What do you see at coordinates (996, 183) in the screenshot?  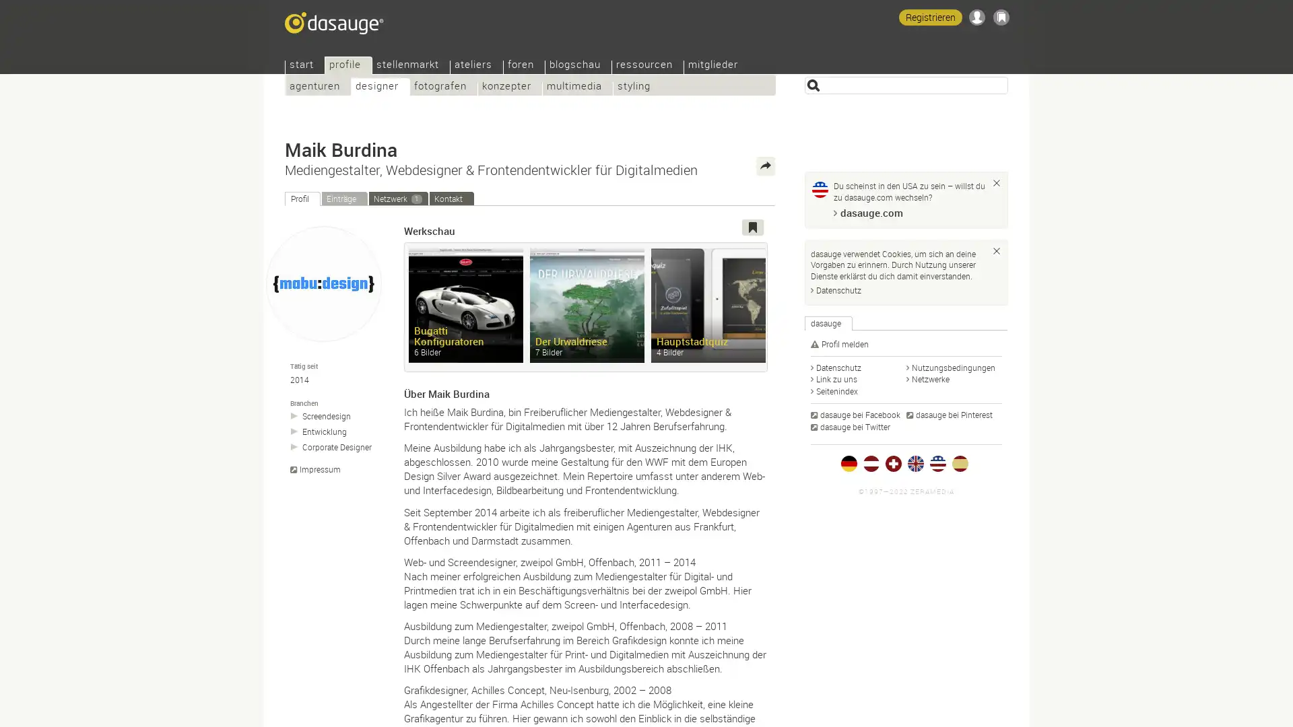 I see `Ich wei` at bounding box center [996, 183].